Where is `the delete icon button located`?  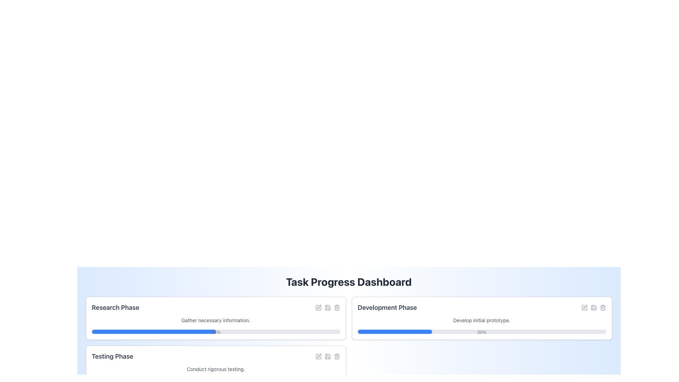
the delete icon button located is located at coordinates (336, 356).